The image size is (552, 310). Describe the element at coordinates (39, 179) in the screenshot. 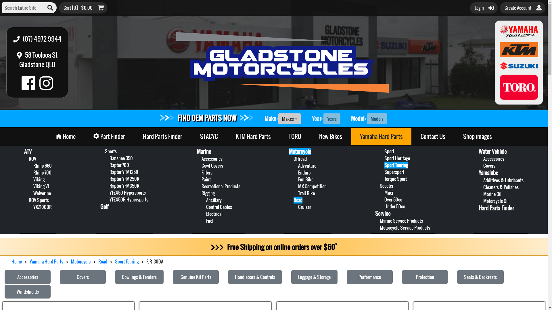

I see `'Viking'` at that location.